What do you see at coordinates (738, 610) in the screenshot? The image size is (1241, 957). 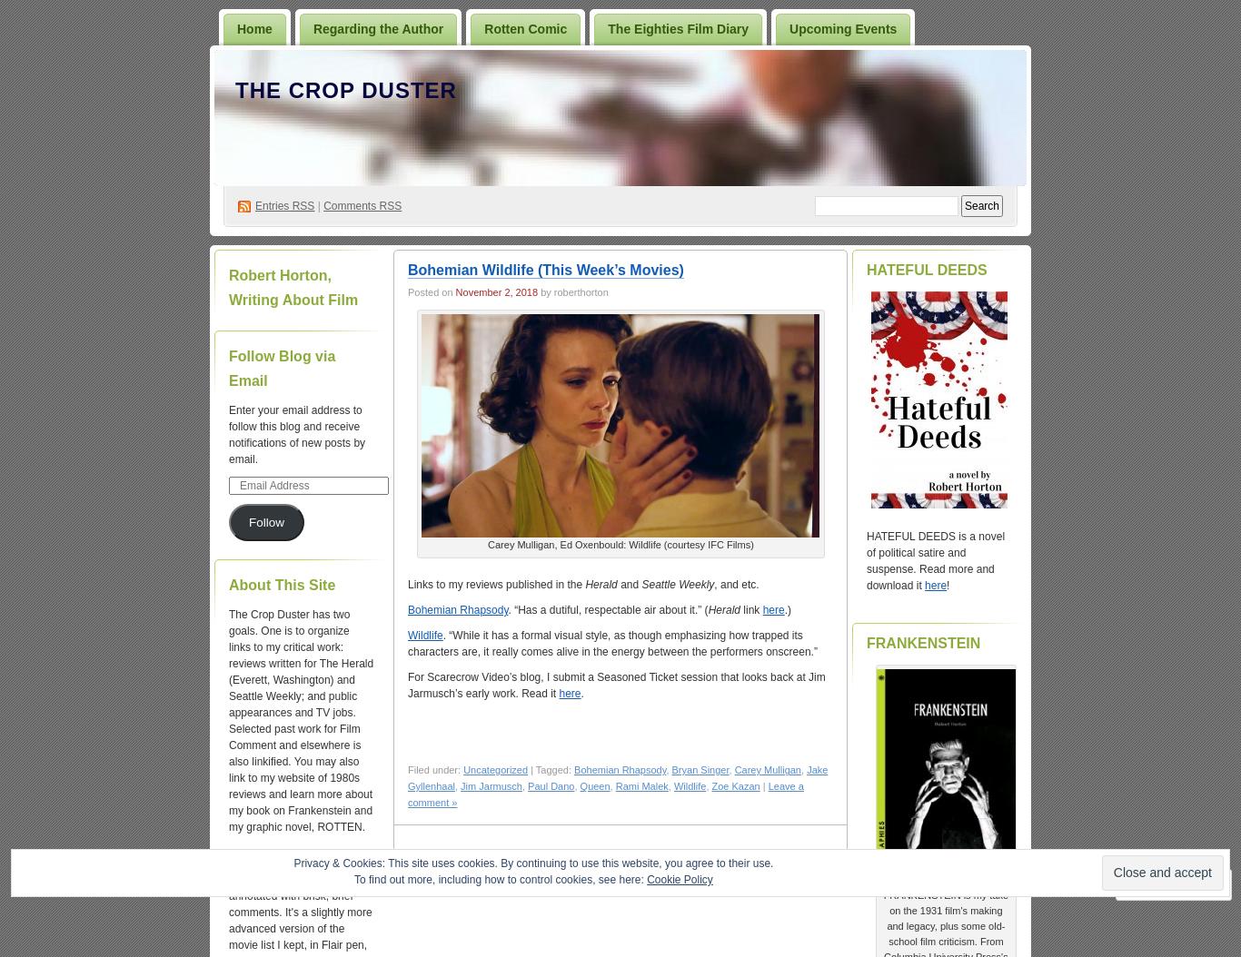 I see `'link'` at bounding box center [738, 610].